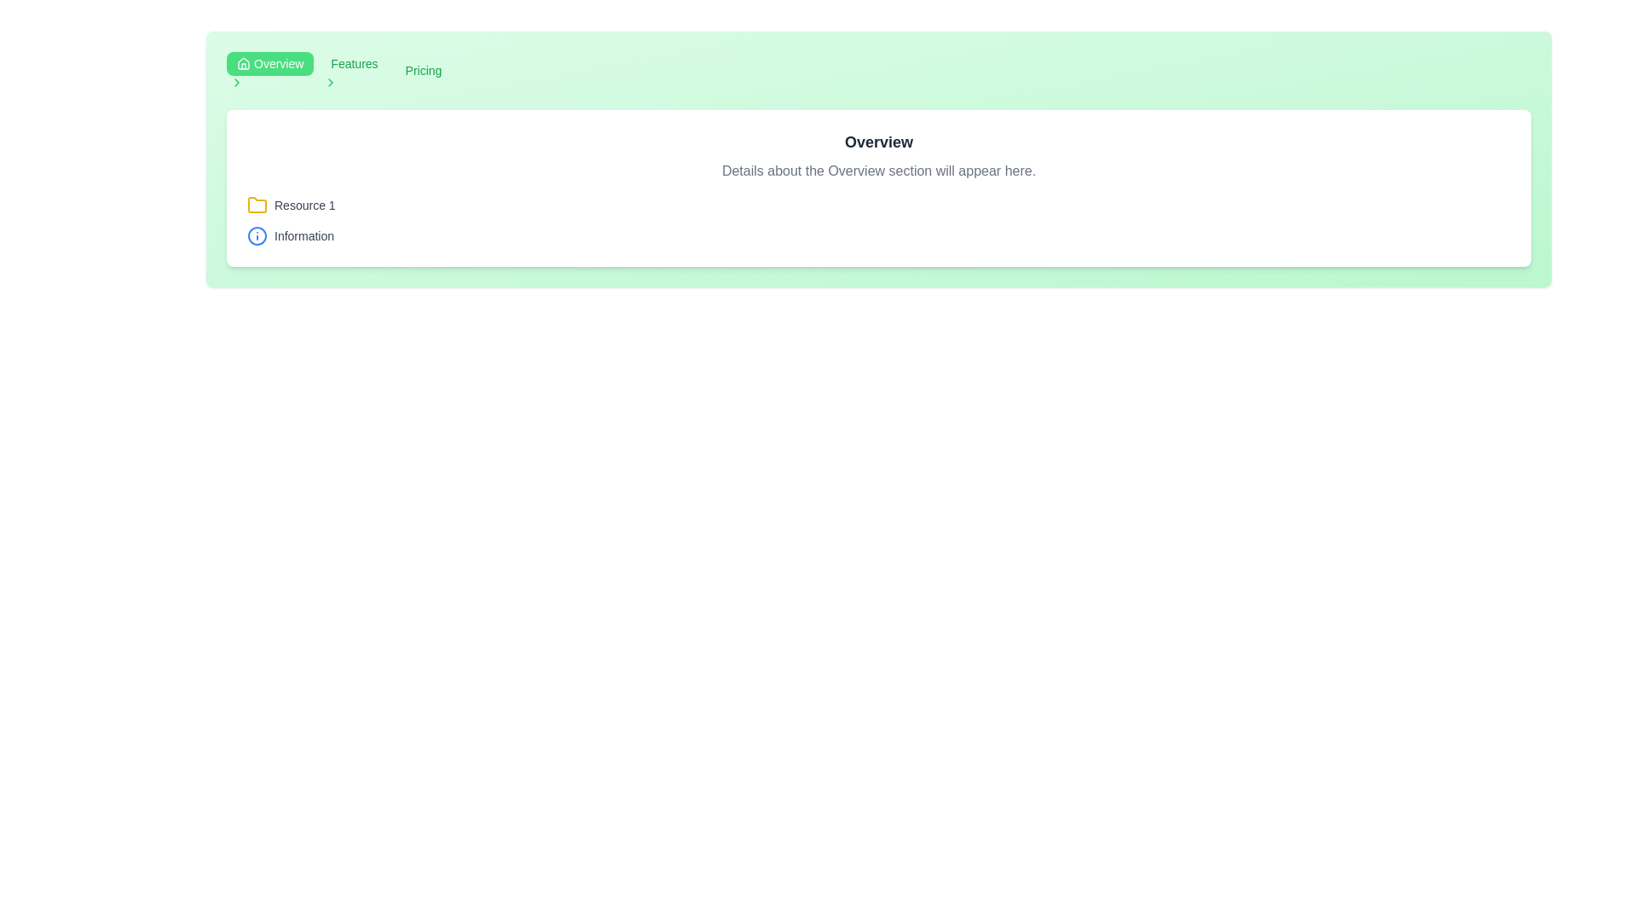 The height and width of the screenshot is (921, 1637). I want to click on the text label associated with the yellow folder icon to associate the label with the folder, so click(304, 204).